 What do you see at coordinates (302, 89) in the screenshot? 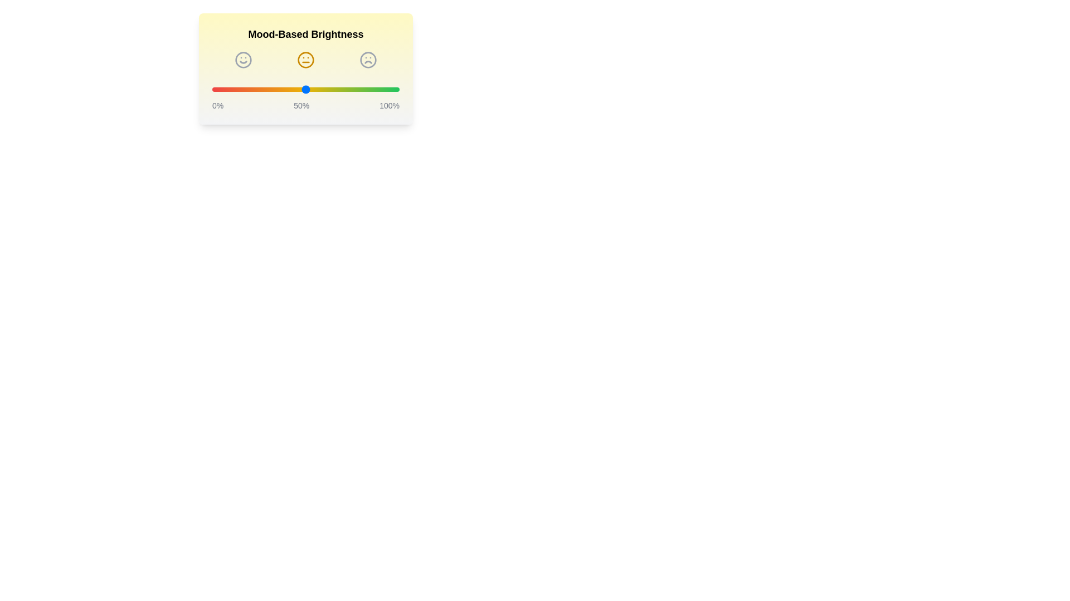
I see `the brightness slider to 48% to observe the mood icon change` at bounding box center [302, 89].